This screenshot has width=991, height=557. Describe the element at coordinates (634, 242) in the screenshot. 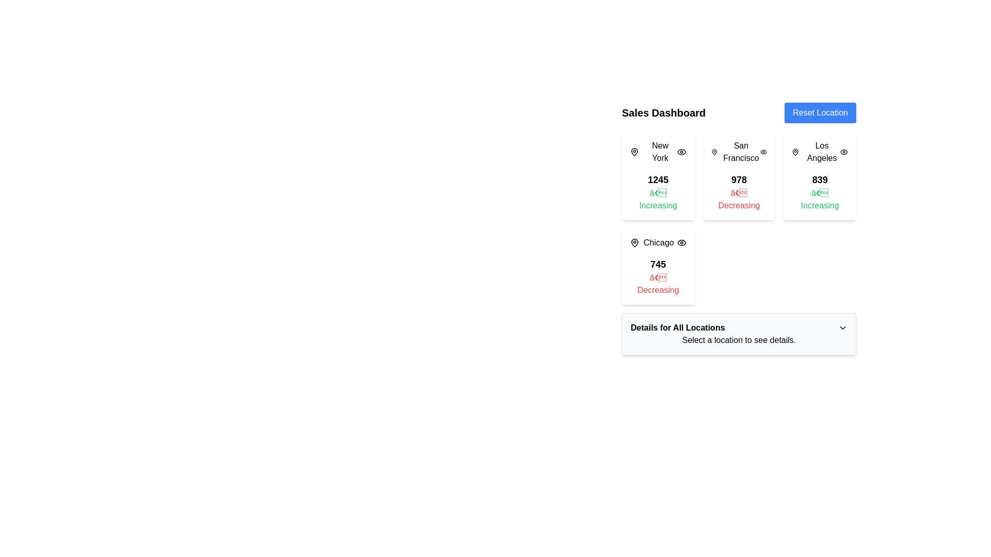

I see `map pin icon element styled as a hollow circular form with a tapering downward extension, located on the 'Chicago' data card, for style or structure in developer tools` at that location.